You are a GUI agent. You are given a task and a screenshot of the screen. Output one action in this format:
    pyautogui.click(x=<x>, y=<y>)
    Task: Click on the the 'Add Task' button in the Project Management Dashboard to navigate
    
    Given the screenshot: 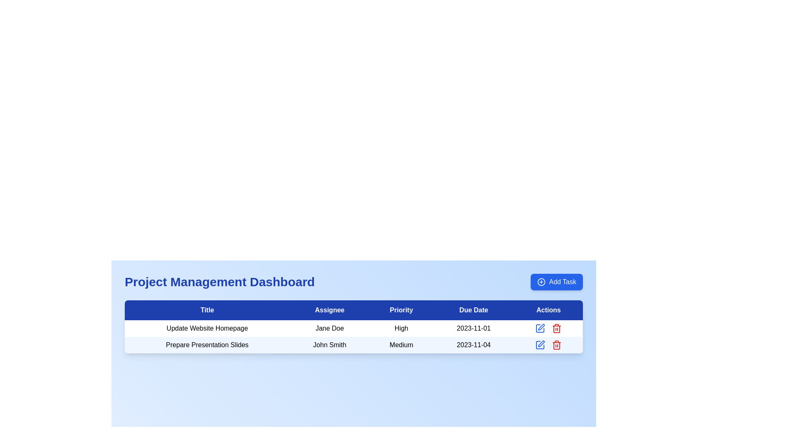 What is the action you would take?
    pyautogui.click(x=557, y=281)
    